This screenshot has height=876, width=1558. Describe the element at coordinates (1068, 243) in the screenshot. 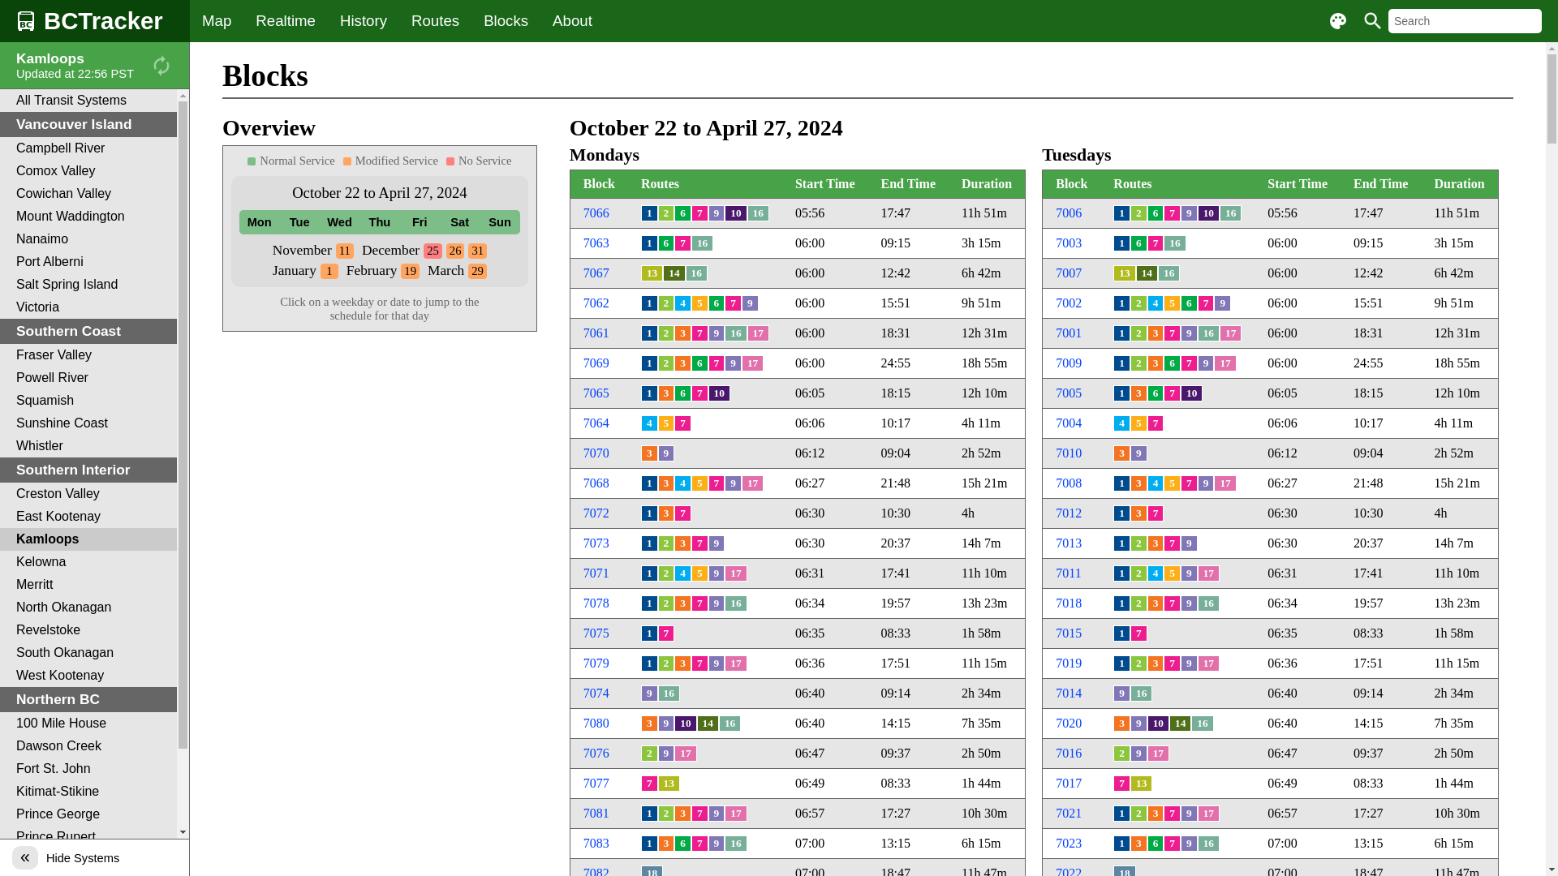

I see `'7003'` at that location.